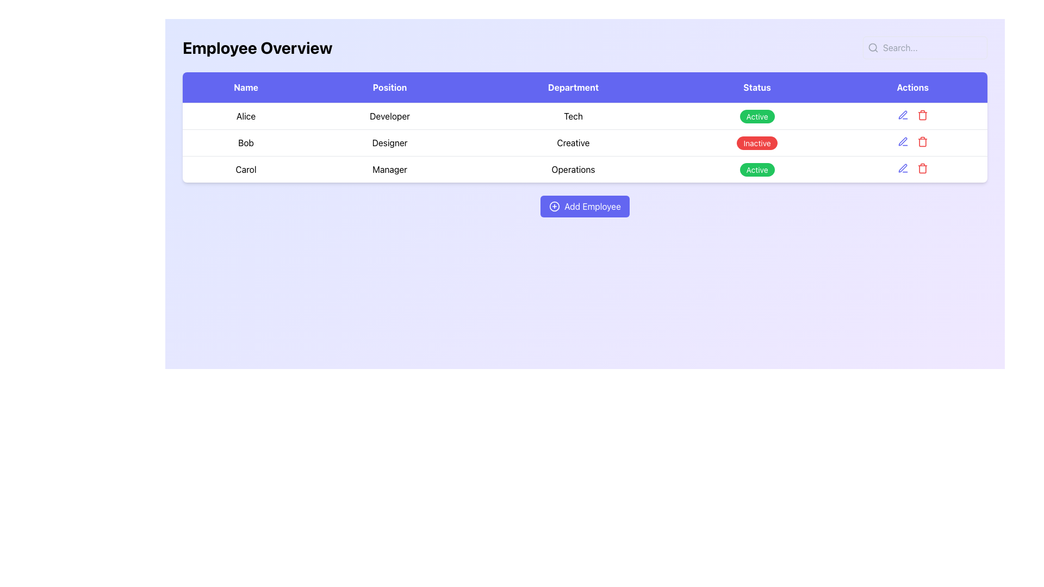  What do you see at coordinates (390, 116) in the screenshot?
I see `the text element displaying 'Developer' located in the second column of the row associated with 'Alice' in the table layout` at bounding box center [390, 116].